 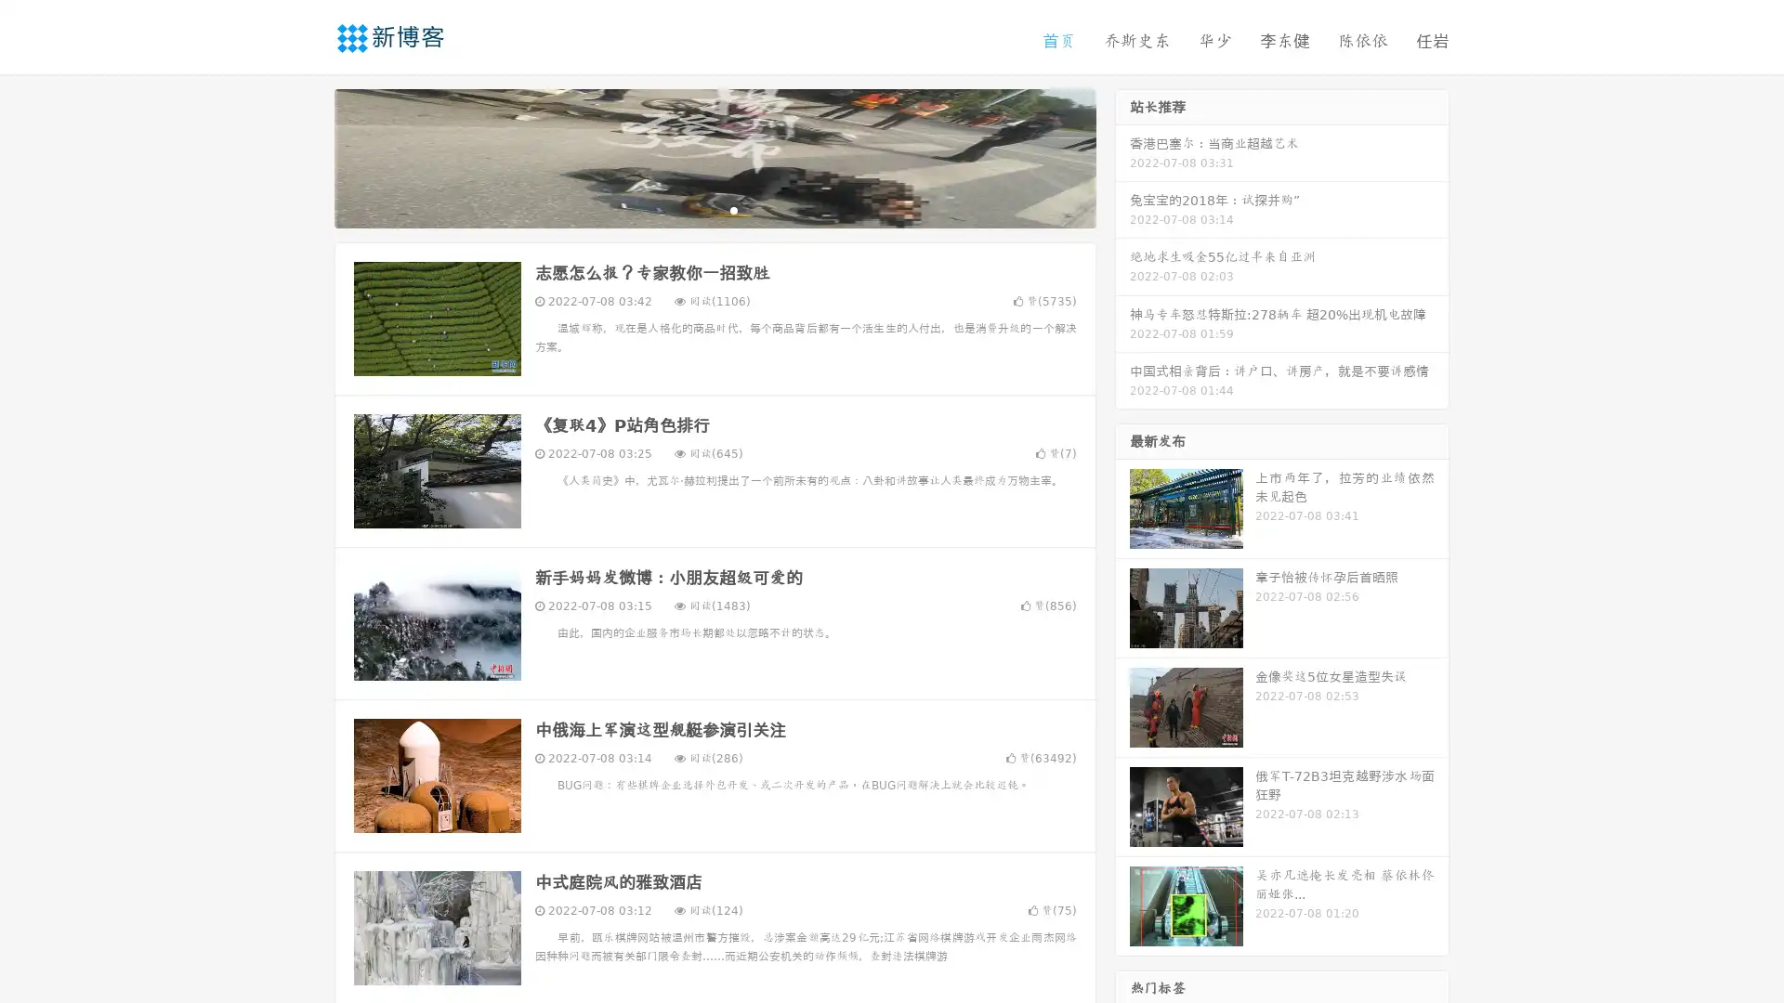 I want to click on Previous slide, so click(x=307, y=156).